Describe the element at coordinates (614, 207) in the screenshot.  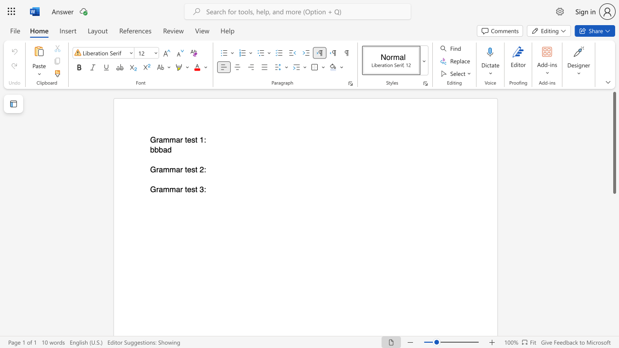
I see `the scrollbar on the side` at that location.